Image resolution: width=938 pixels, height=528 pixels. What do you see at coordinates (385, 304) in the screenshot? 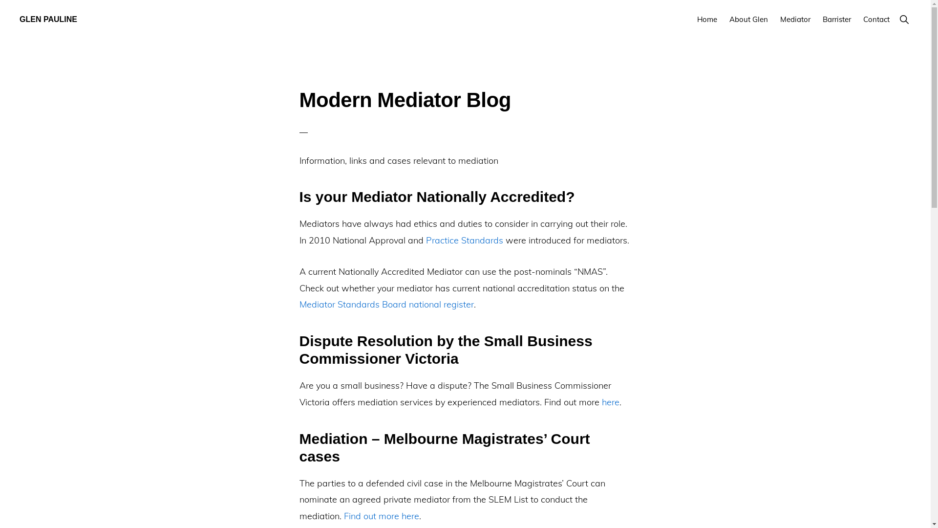
I see `'Mediator Standards Board national register'` at bounding box center [385, 304].